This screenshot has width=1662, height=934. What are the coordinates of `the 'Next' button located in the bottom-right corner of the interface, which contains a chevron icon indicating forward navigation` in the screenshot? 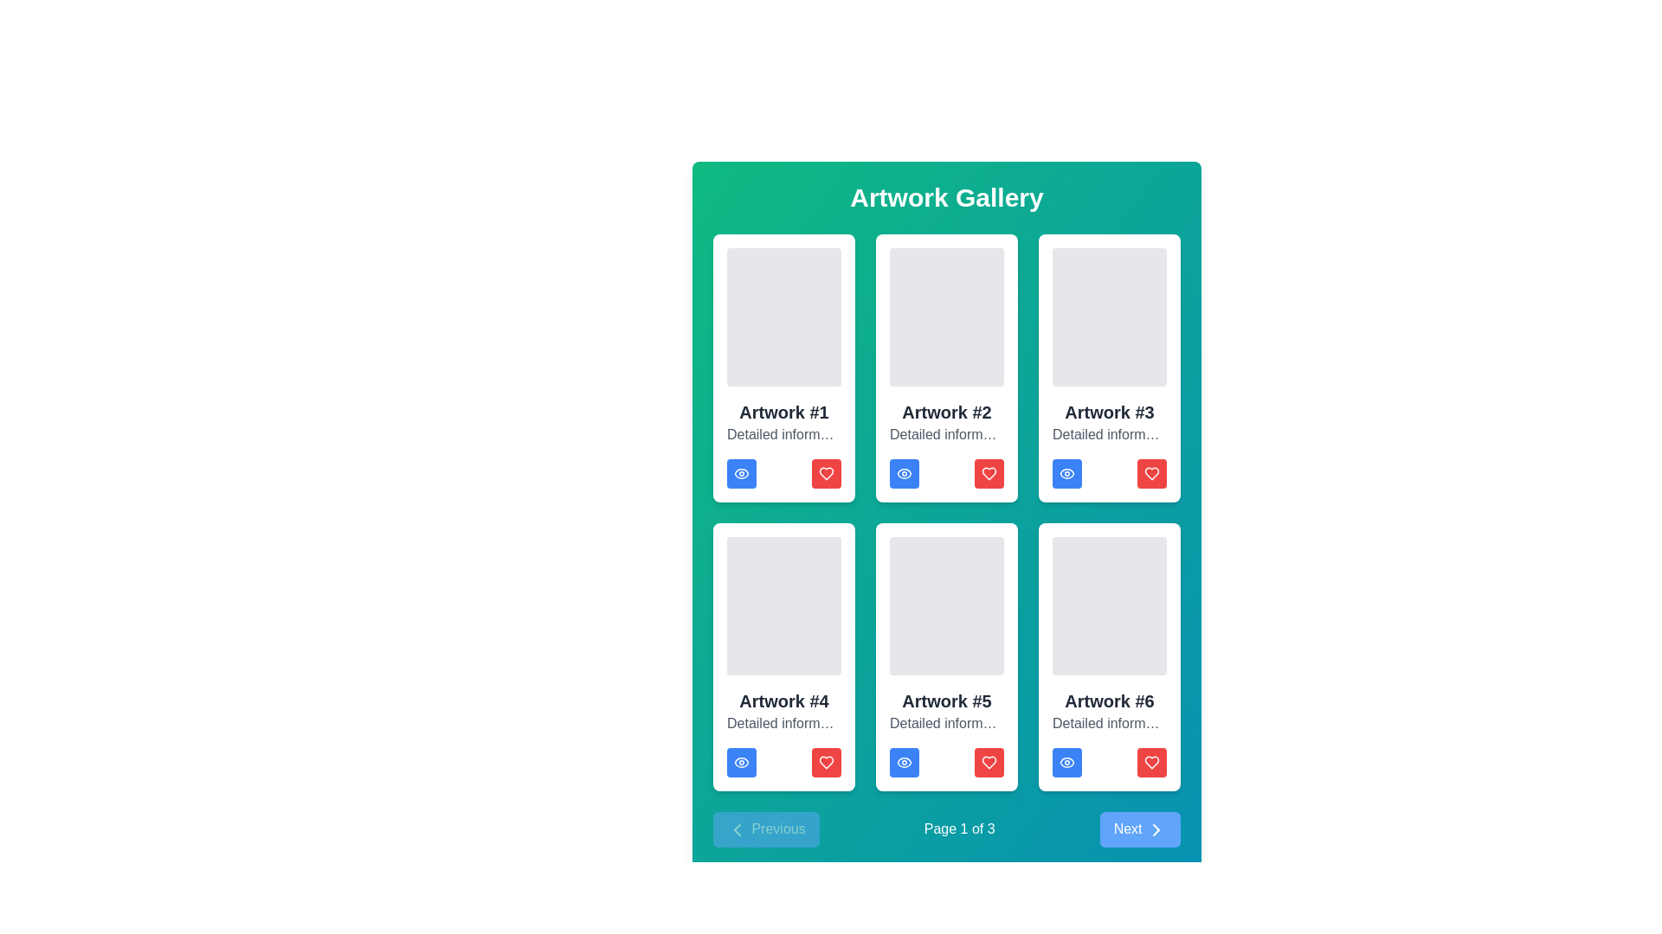 It's located at (1156, 828).